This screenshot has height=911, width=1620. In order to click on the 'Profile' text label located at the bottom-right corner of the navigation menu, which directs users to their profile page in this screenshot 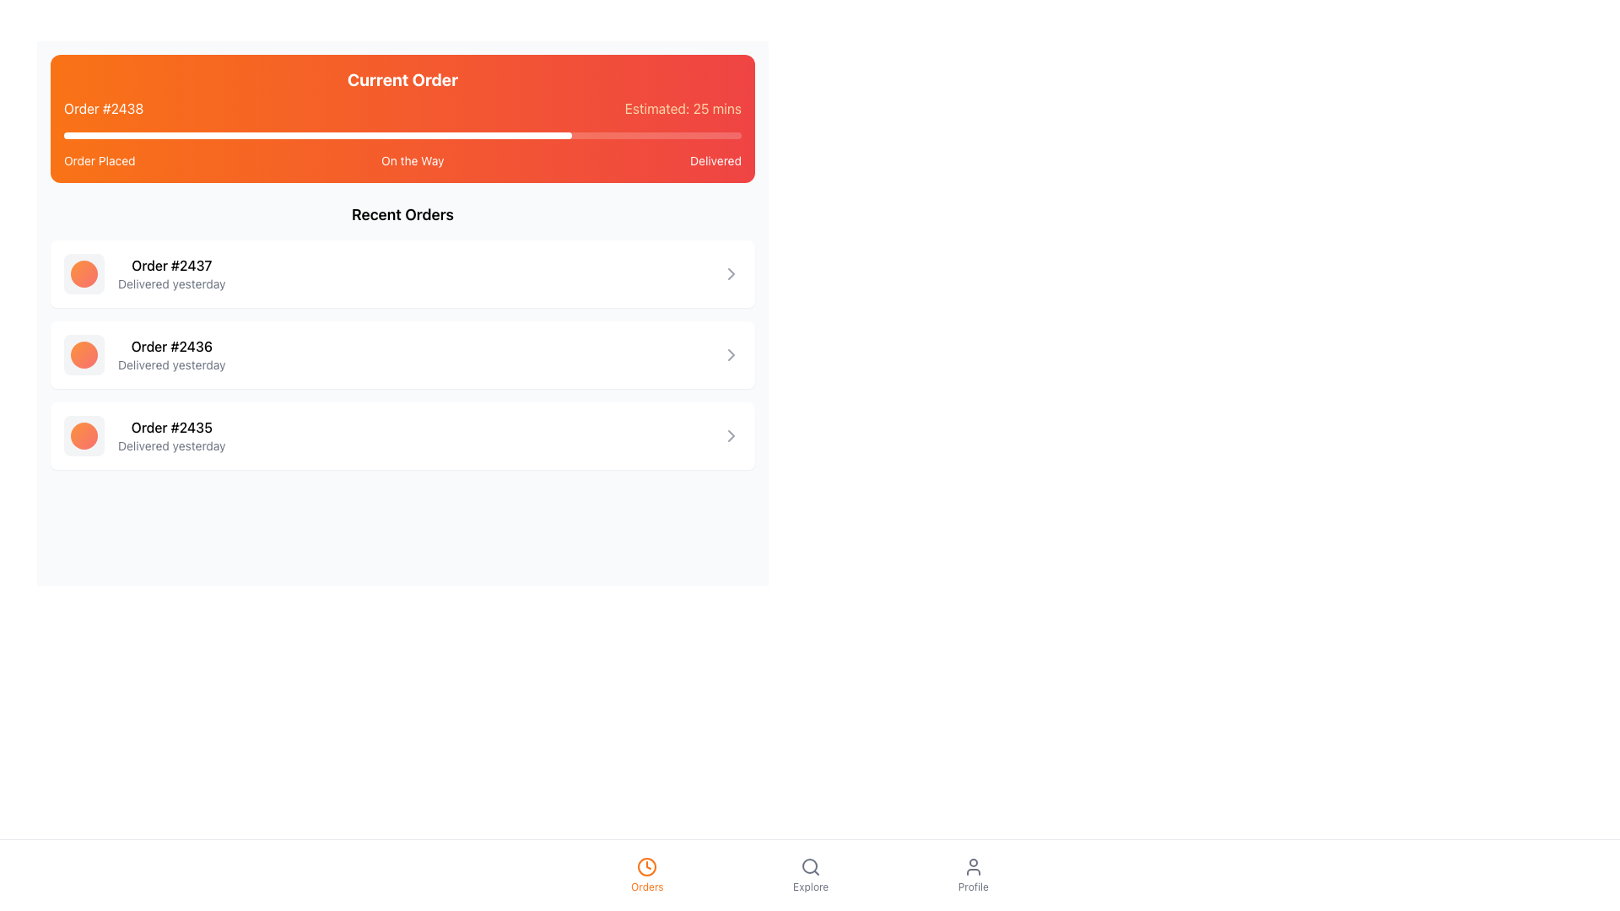, I will do `click(973, 887)`.